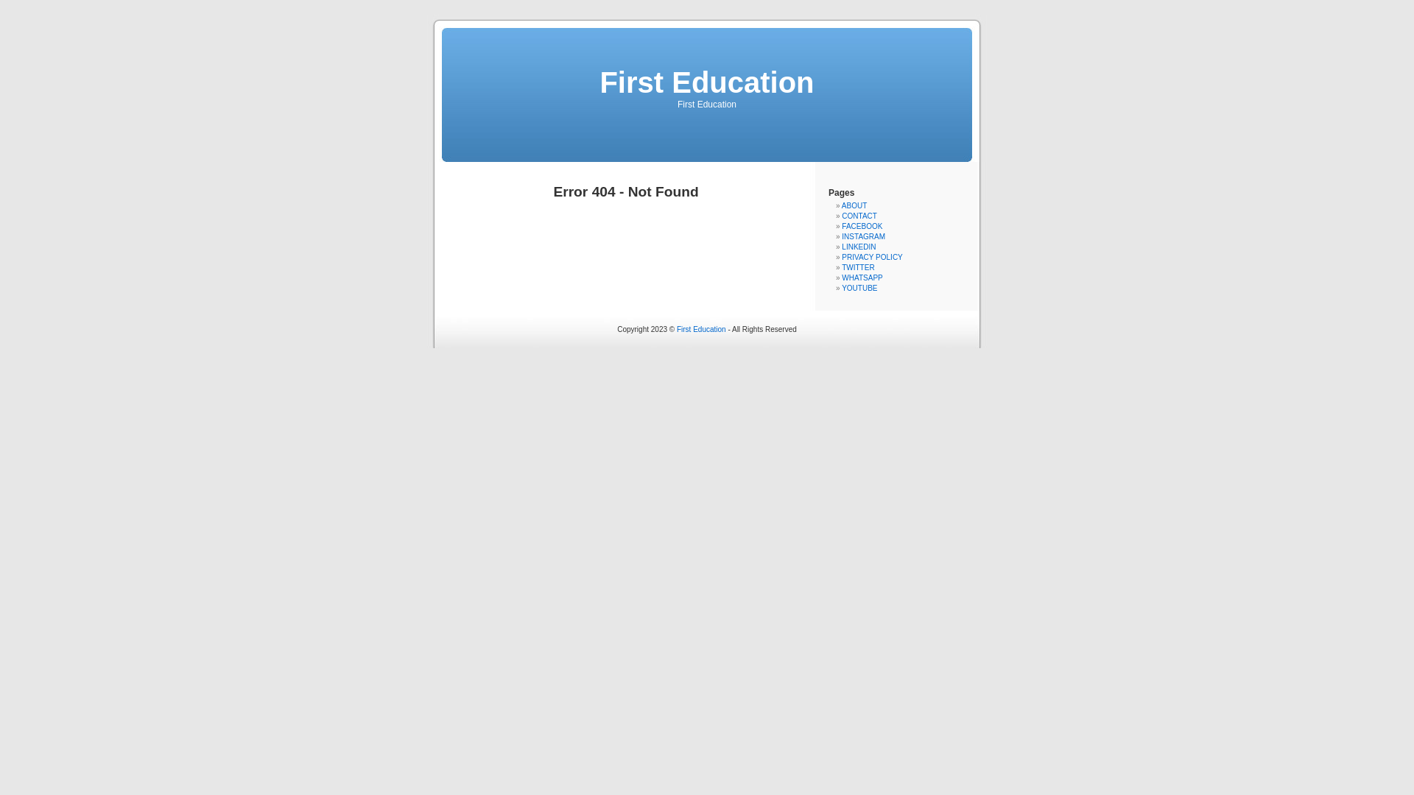 Image resolution: width=1414 pixels, height=795 pixels. What do you see at coordinates (862, 278) in the screenshot?
I see `'WHATSAPP'` at bounding box center [862, 278].